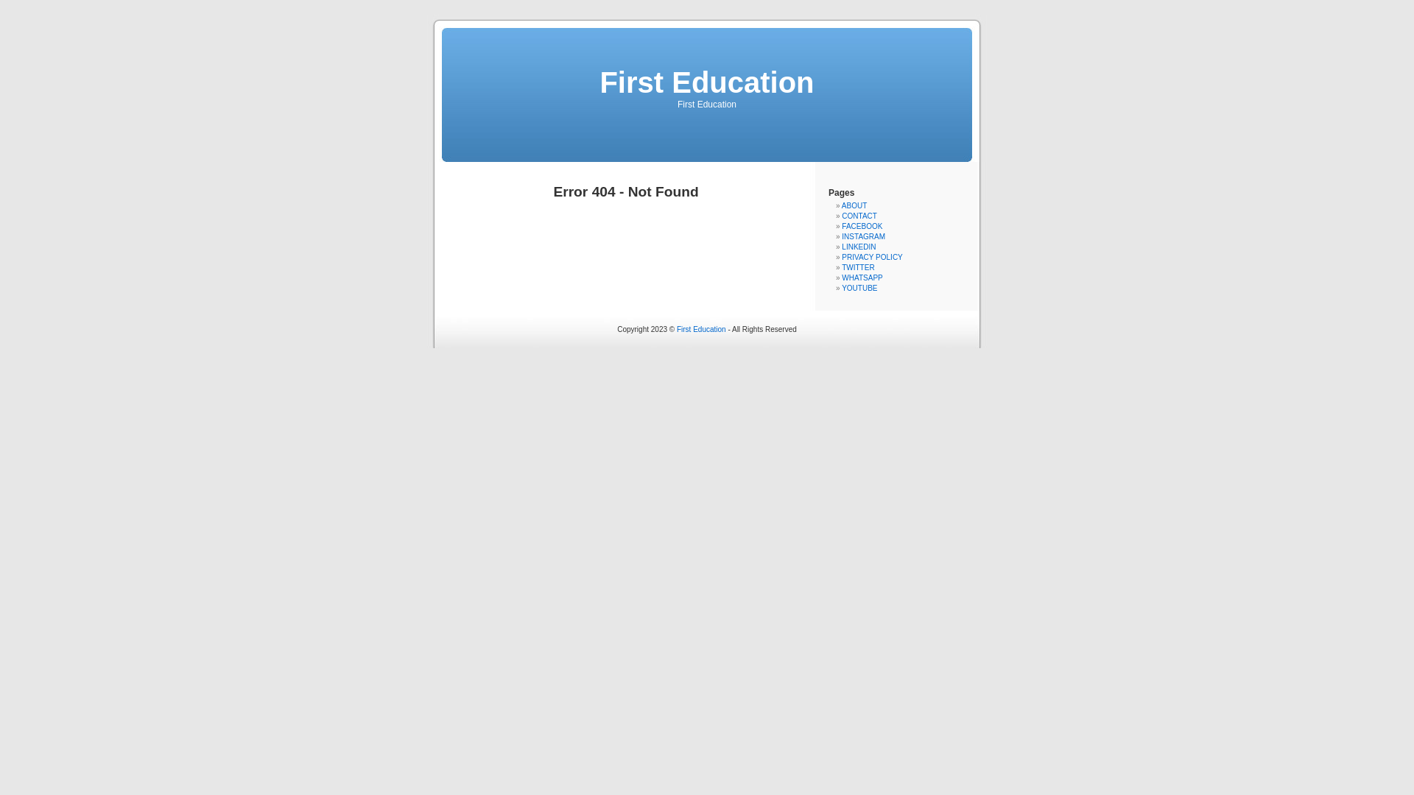 Image resolution: width=1414 pixels, height=795 pixels. What do you see at coordinates (862, 278) in the screenshot?
I see `'WHATSAPP'` at bounding box center [862, 278].